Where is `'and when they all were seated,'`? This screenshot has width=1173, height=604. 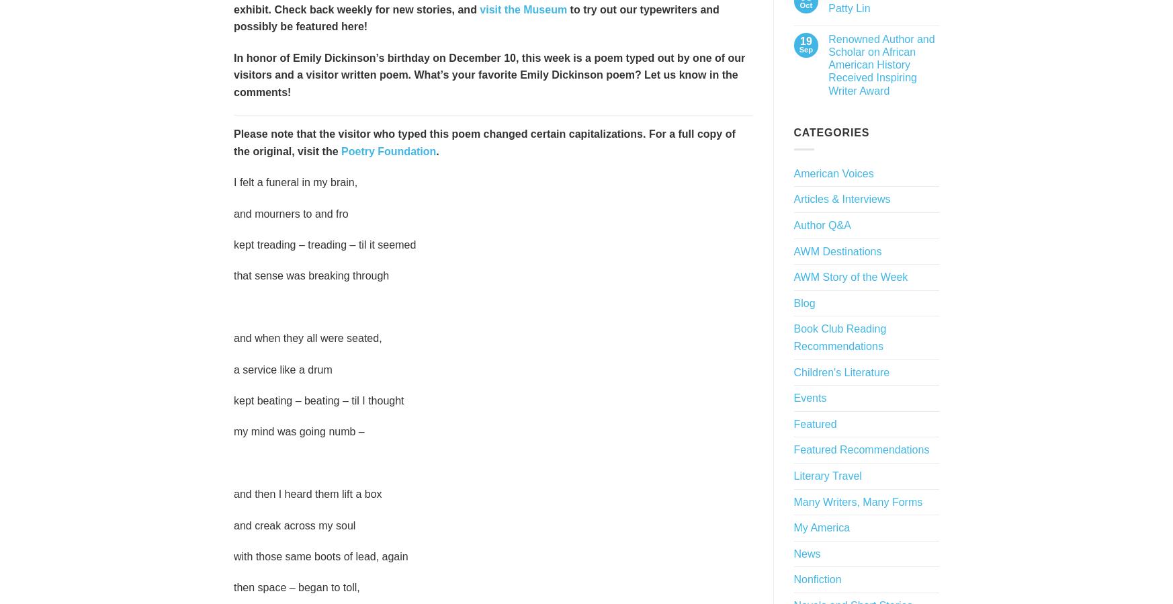 'and when they all were seated,' is located at coordinates (307, 338).